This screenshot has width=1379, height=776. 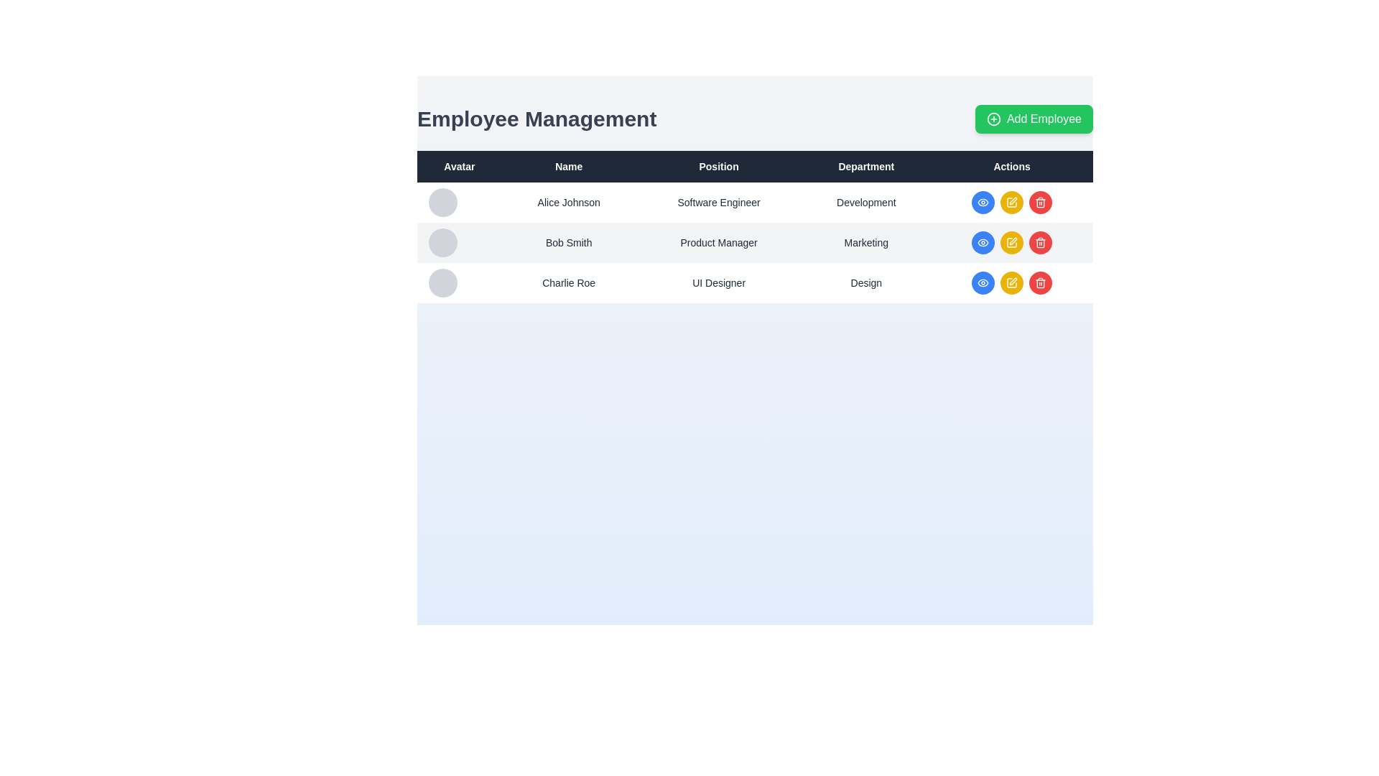 I want to click on the circular yellow button with a white pencil icon representing the edit action for 'Bob Smith' in the 'Actions' column, so click(x=1011, y=242).